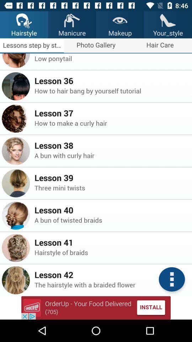  I want to click on the icon above the the hairstyle with, so click(111, 274).